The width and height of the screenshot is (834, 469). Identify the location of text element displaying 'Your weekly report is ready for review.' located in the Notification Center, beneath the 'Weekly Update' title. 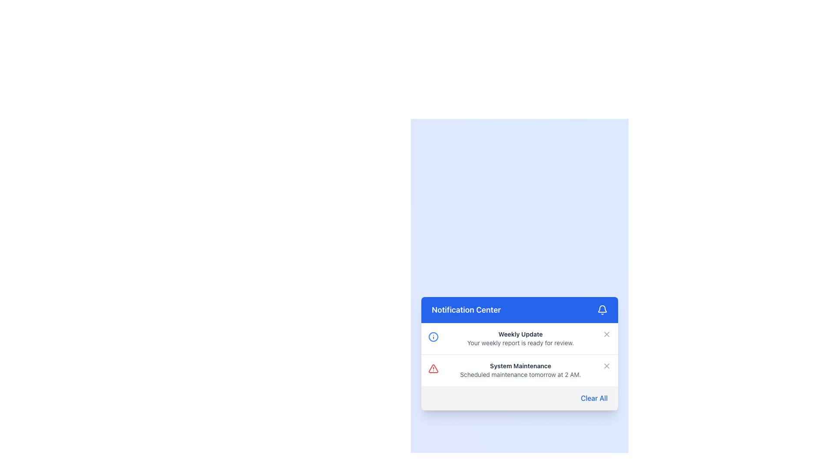
(520, 342).